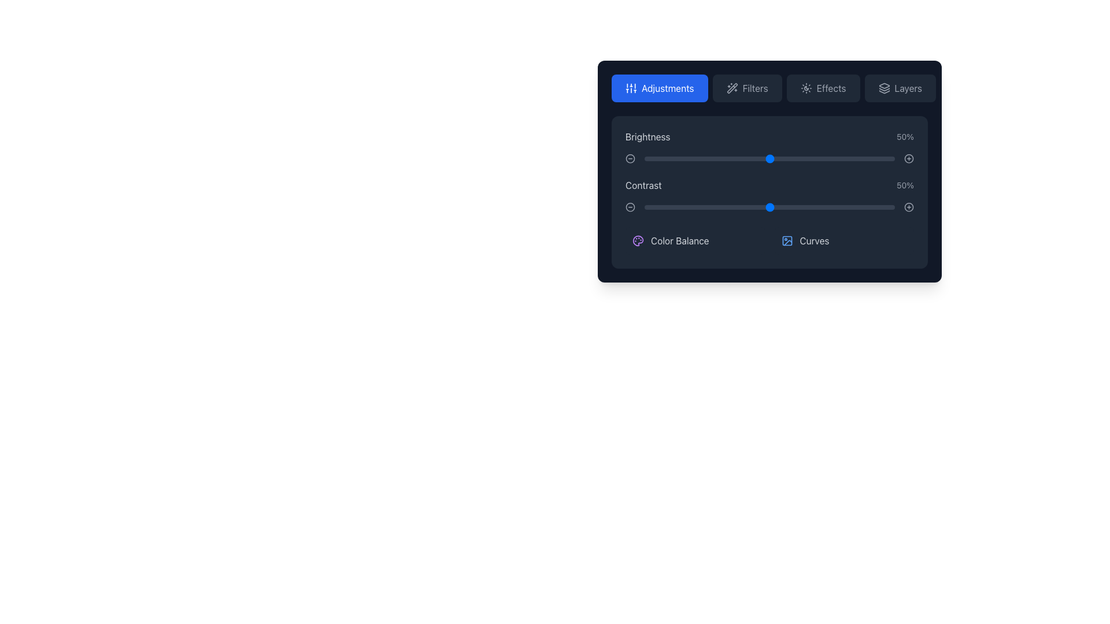 The width and height of the screenshot is (1110, 624). I want to click on the 'Filters' button, which is a rectangular button with a gray background and a wand icon, located second from the left in a row of buttons at the top of the interface, so click(747, 88).